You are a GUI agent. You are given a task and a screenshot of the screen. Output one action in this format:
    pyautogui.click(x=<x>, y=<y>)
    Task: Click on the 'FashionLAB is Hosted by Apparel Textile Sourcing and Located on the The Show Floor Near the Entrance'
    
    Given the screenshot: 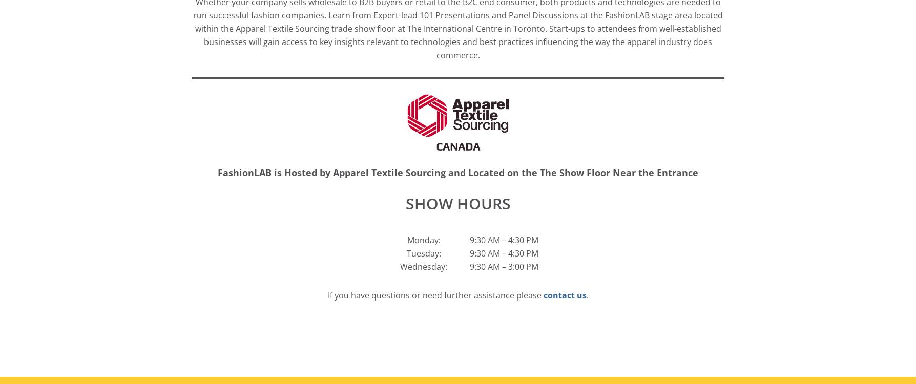 What is the action you would take?
    pyautogui.click(x=458, y=172)
    